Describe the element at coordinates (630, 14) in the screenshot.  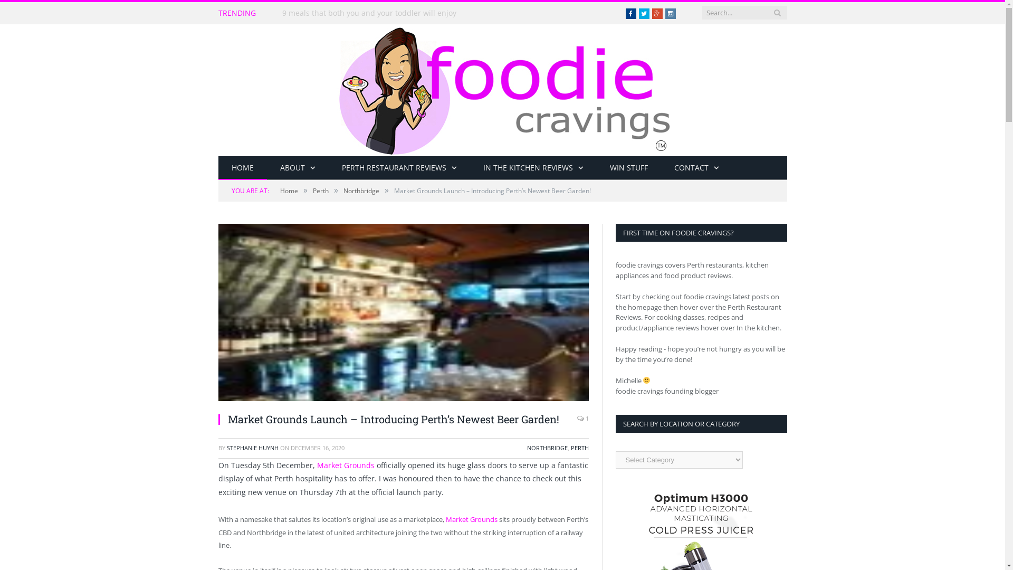
I see `'Facebook'` at that location.